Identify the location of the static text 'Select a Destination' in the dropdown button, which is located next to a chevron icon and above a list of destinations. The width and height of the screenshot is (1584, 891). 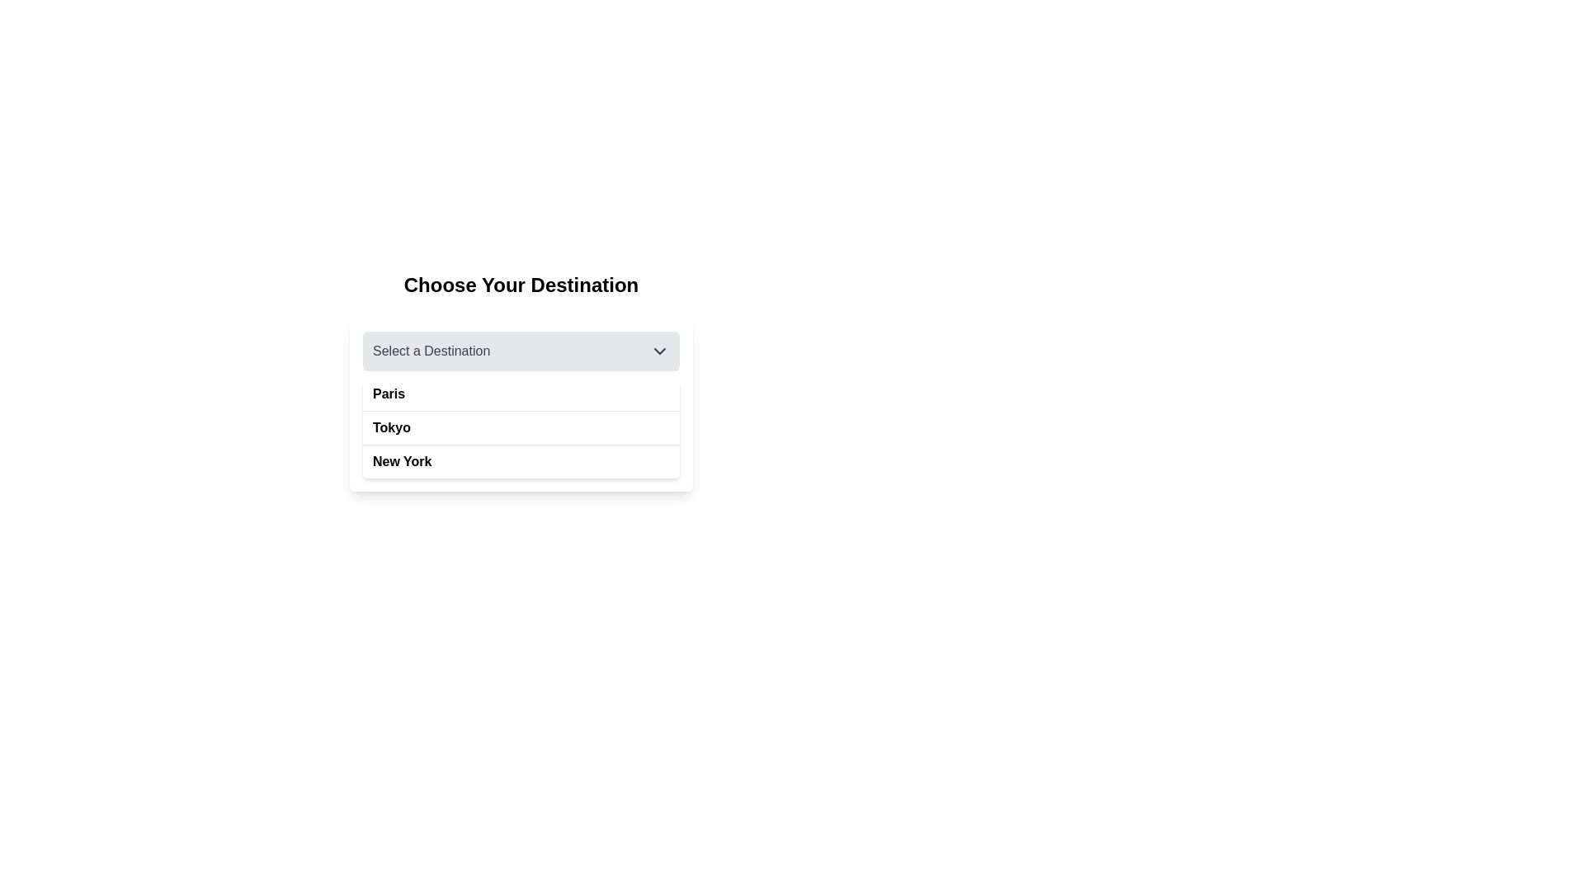
(431, 350).